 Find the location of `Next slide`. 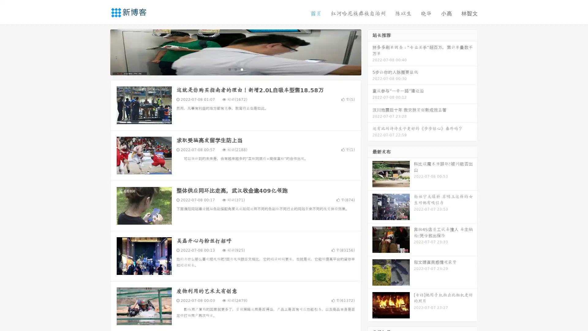

Next slide is located at coordinates (370, 51).